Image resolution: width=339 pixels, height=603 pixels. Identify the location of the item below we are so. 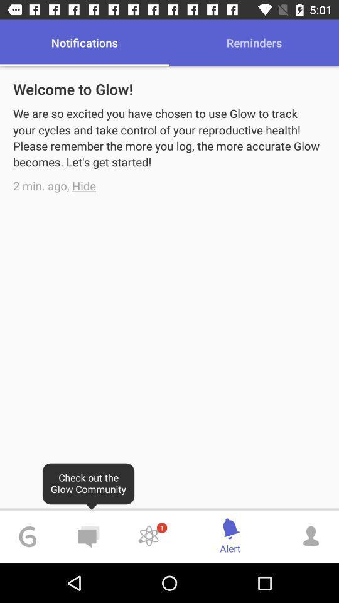
(84, 185).